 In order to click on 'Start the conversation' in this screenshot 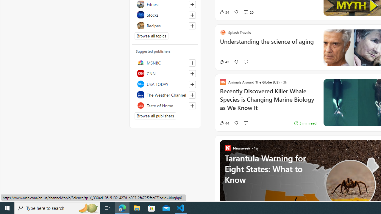, I will do `click(246, 123)`.